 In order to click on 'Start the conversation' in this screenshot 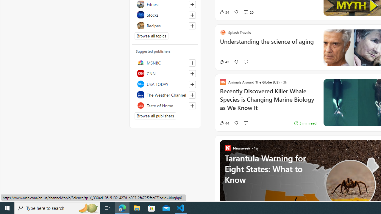, I will do `click(246, 123)`.